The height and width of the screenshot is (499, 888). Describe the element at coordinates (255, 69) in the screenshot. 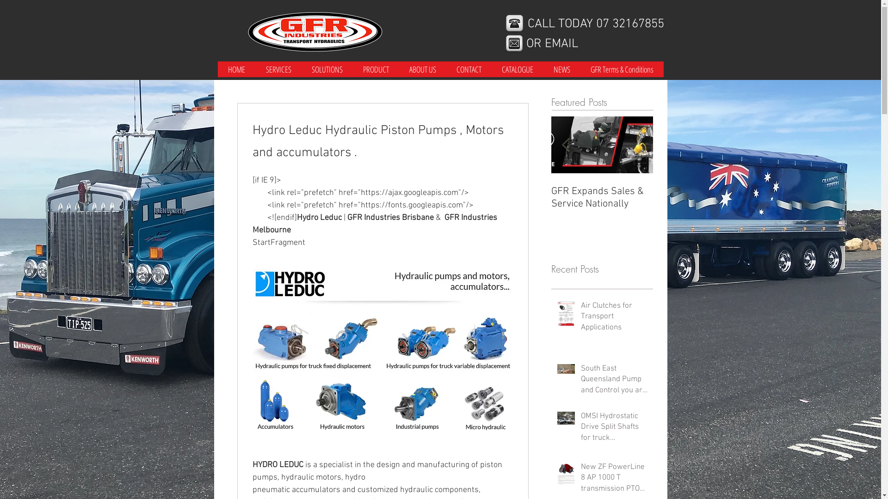

I see `'SERVICES'` at that location.